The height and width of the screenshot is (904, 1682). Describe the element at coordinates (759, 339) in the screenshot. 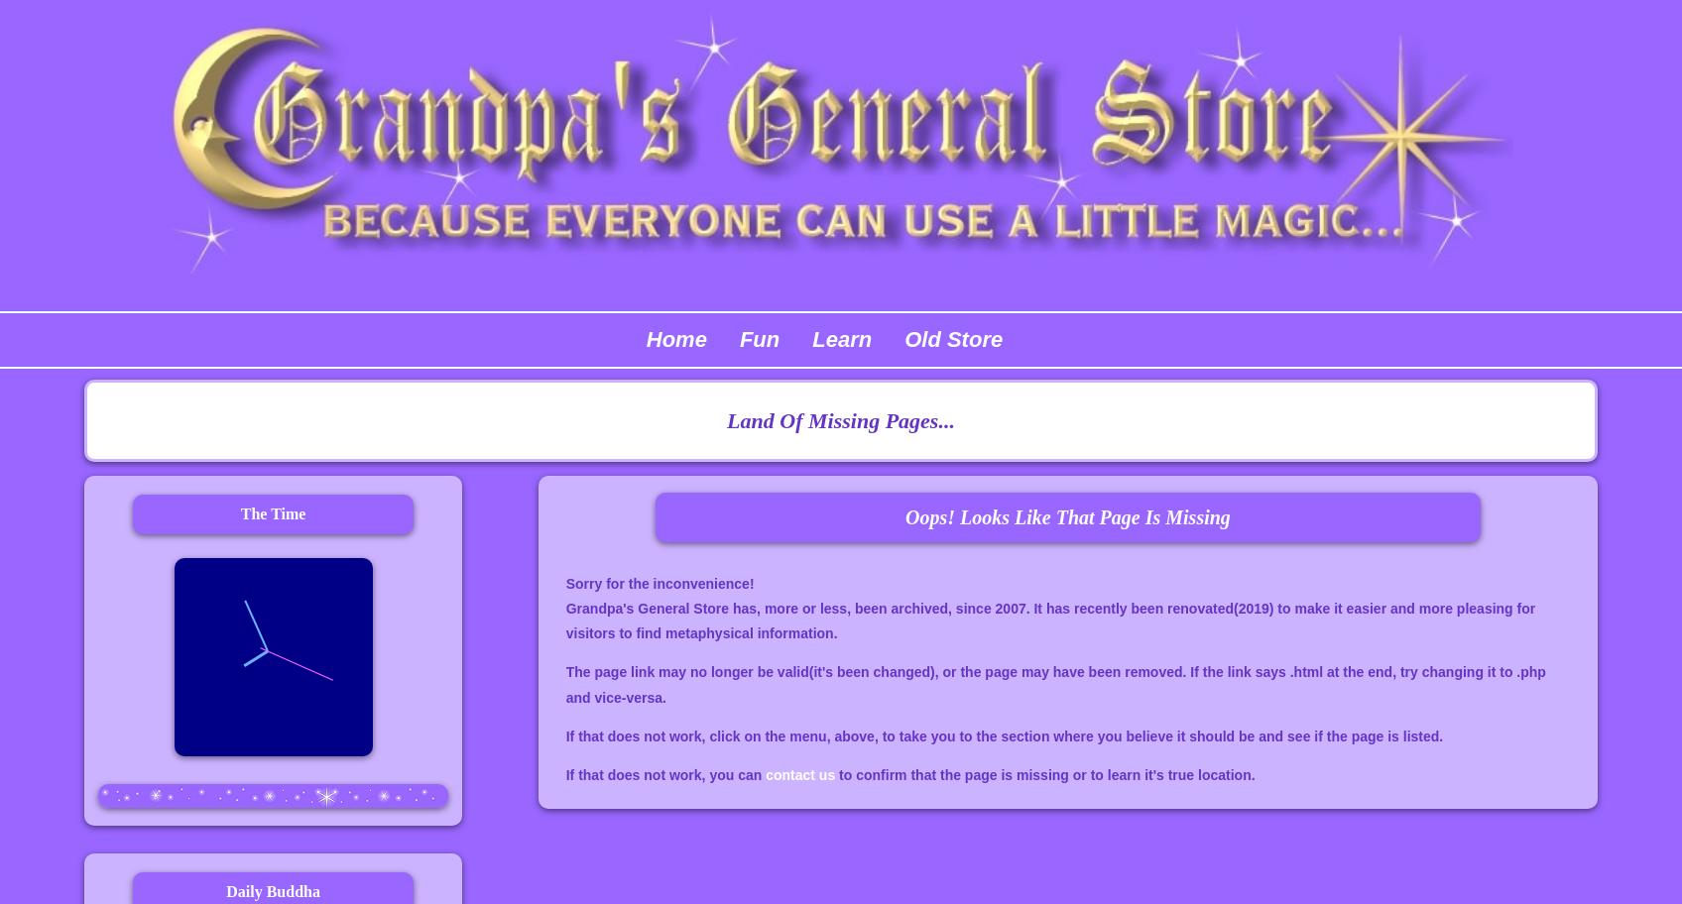

I see `'Fun'` at that location.